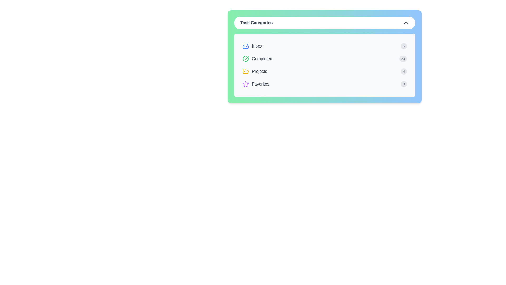 The width and height of the screenshot is (506, 285). Describe the element at coordinates (403, 59) in the screenshot. I see `the badge indicating the number of completed tasks in the 'Completed' section, positioned to the far right adjacent to the text 'Completed'` at that location.